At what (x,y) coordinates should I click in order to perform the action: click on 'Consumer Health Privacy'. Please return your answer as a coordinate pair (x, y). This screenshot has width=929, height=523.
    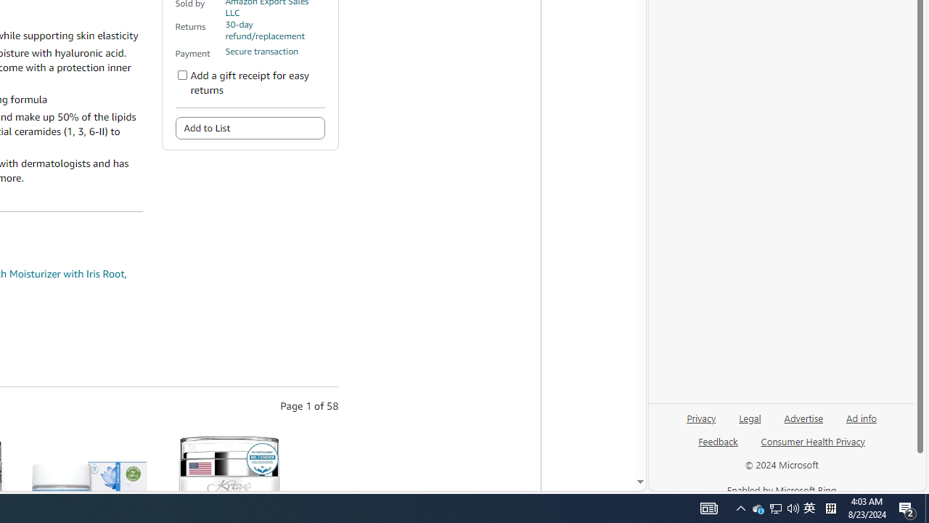
    Looking at the image, I should click on (813, 440).